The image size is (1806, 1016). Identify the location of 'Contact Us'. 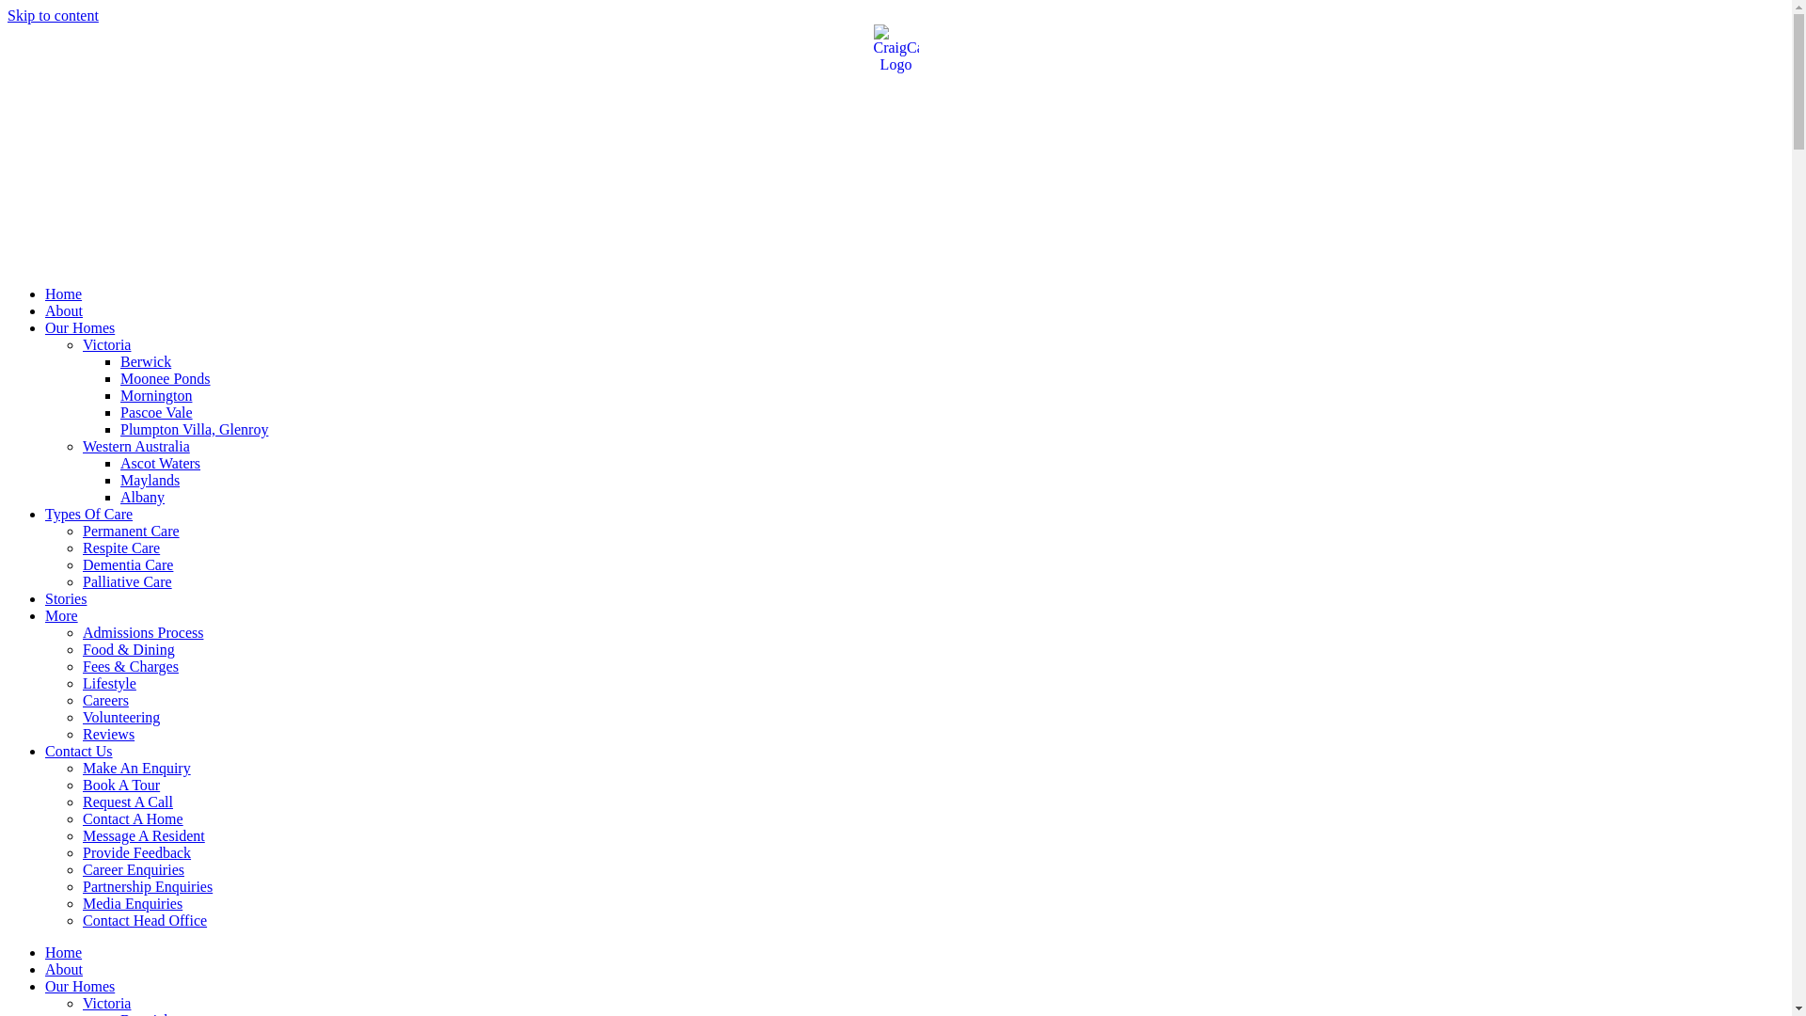
(77, 750).